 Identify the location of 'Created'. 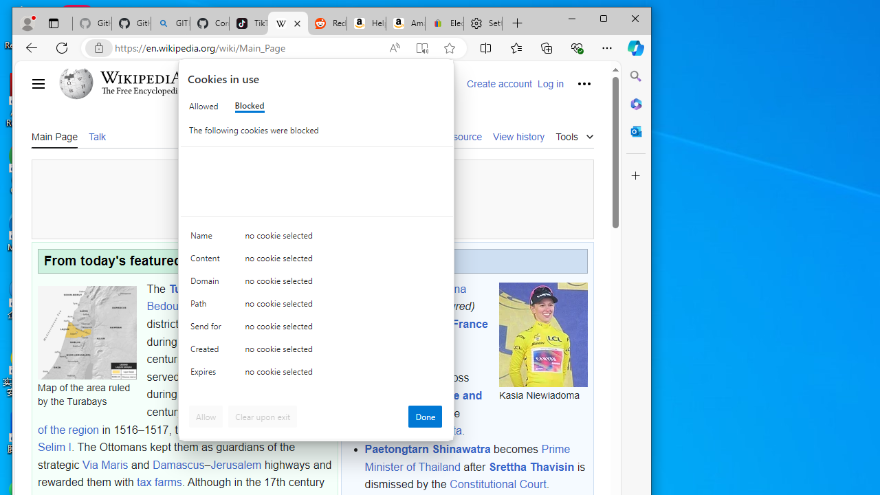
(207, 351).